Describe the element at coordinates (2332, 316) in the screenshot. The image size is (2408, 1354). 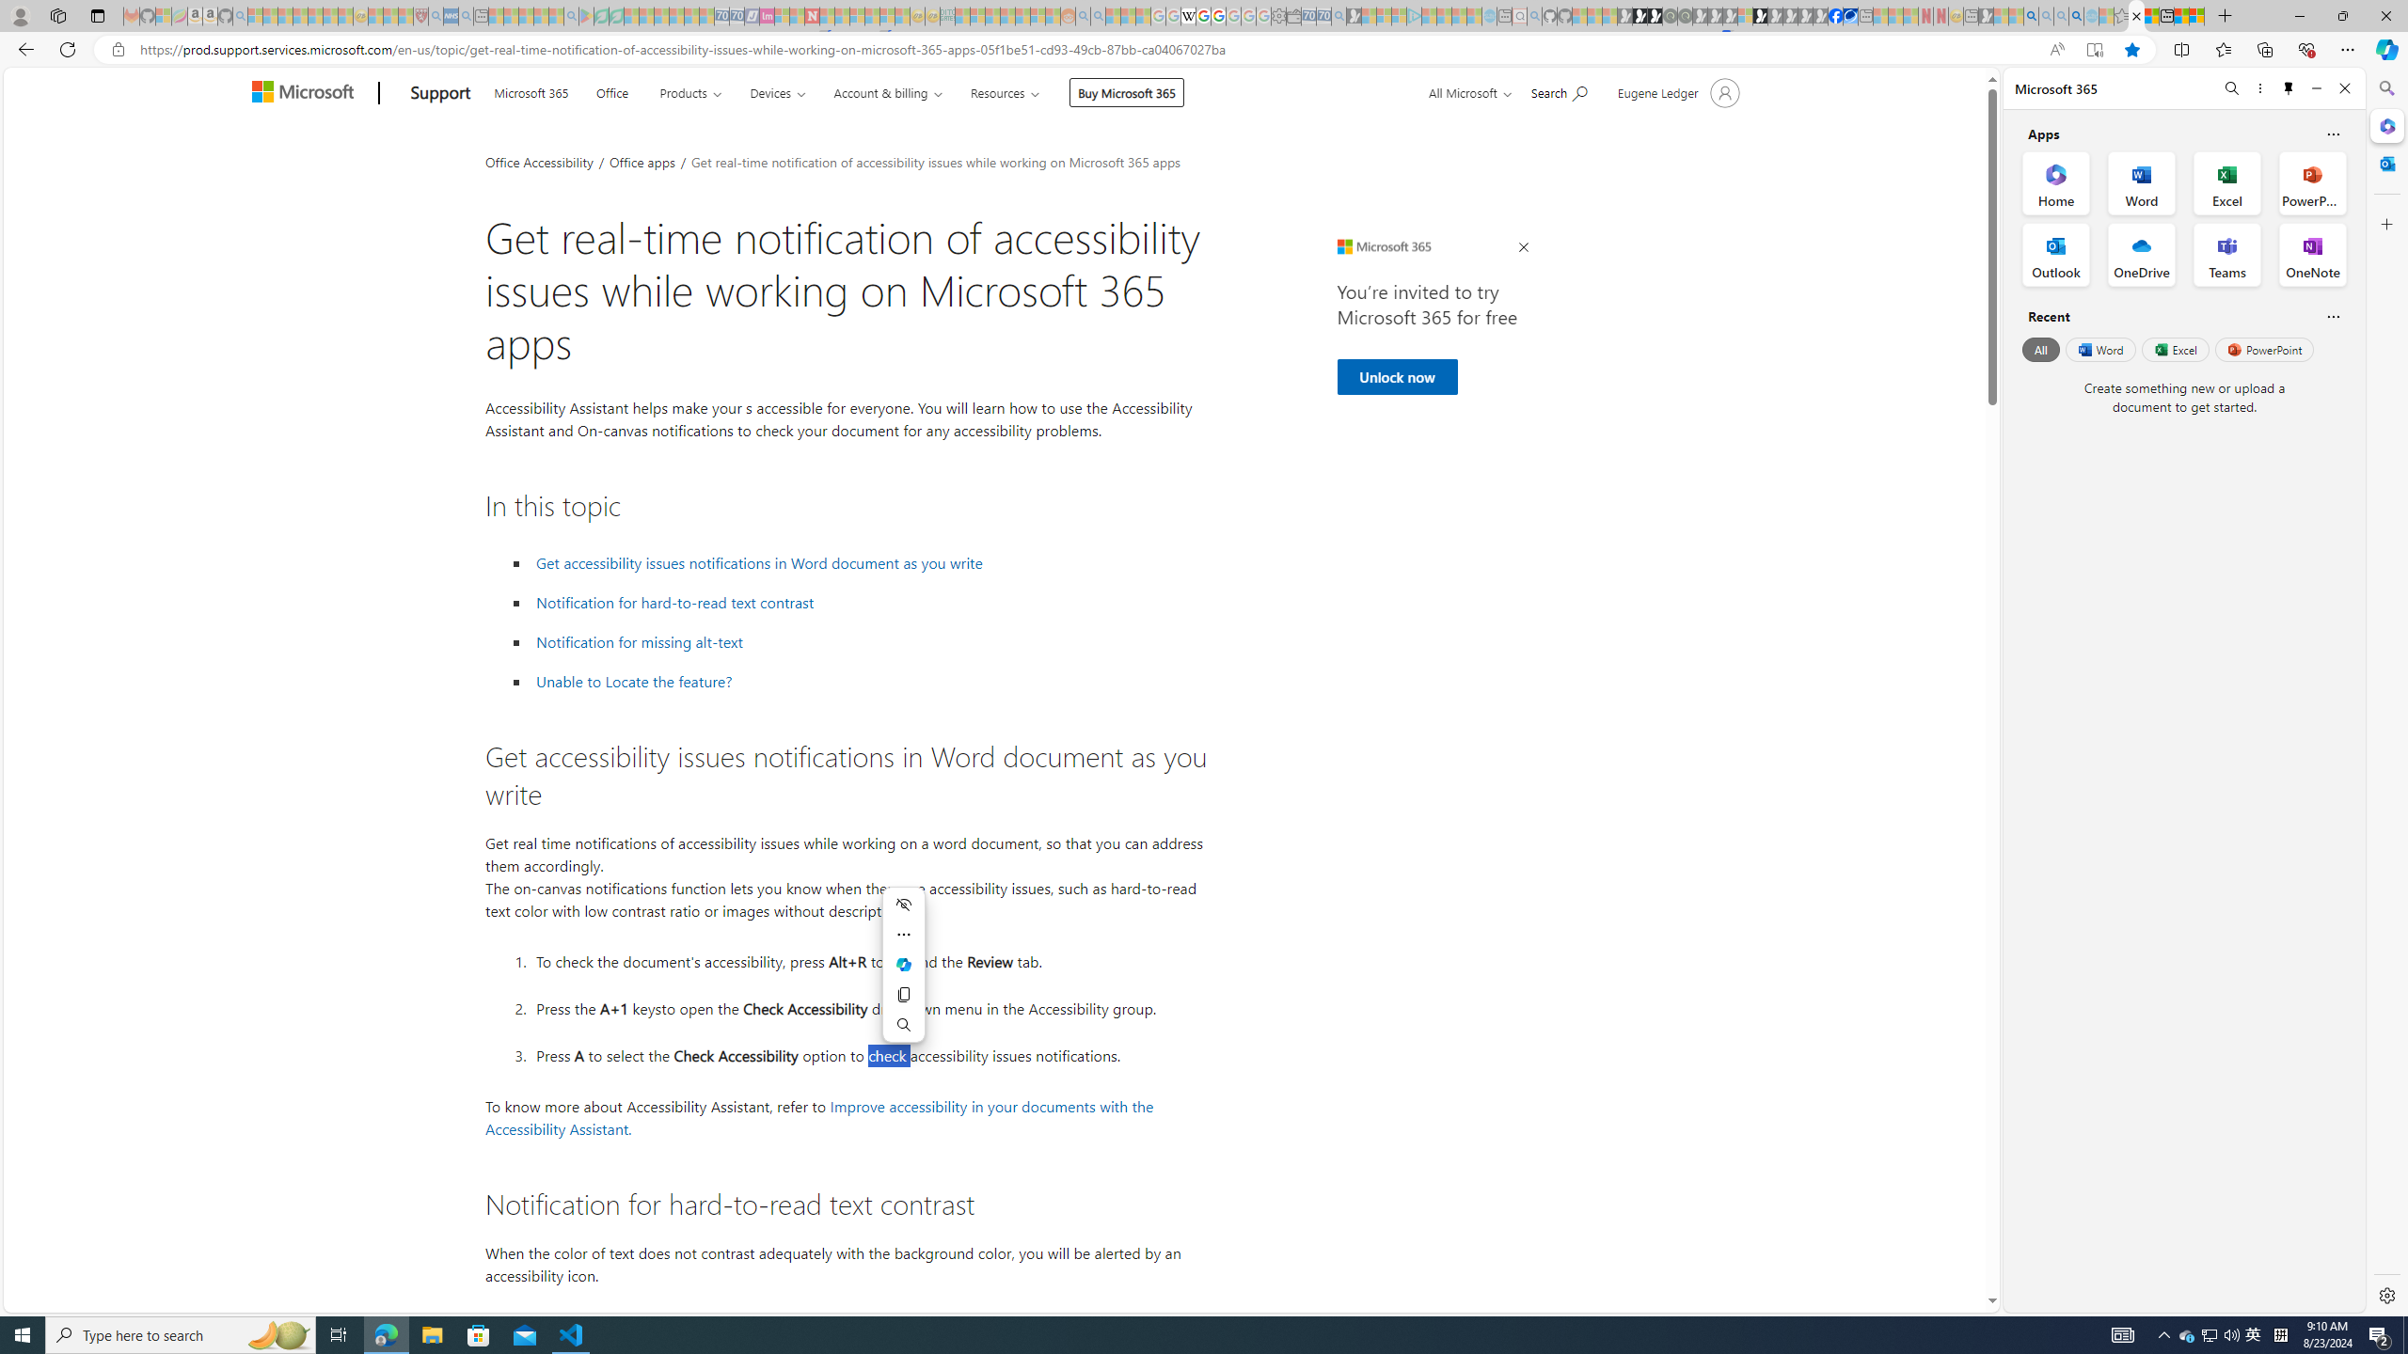
I see `'Is this helpful?'` at that location.